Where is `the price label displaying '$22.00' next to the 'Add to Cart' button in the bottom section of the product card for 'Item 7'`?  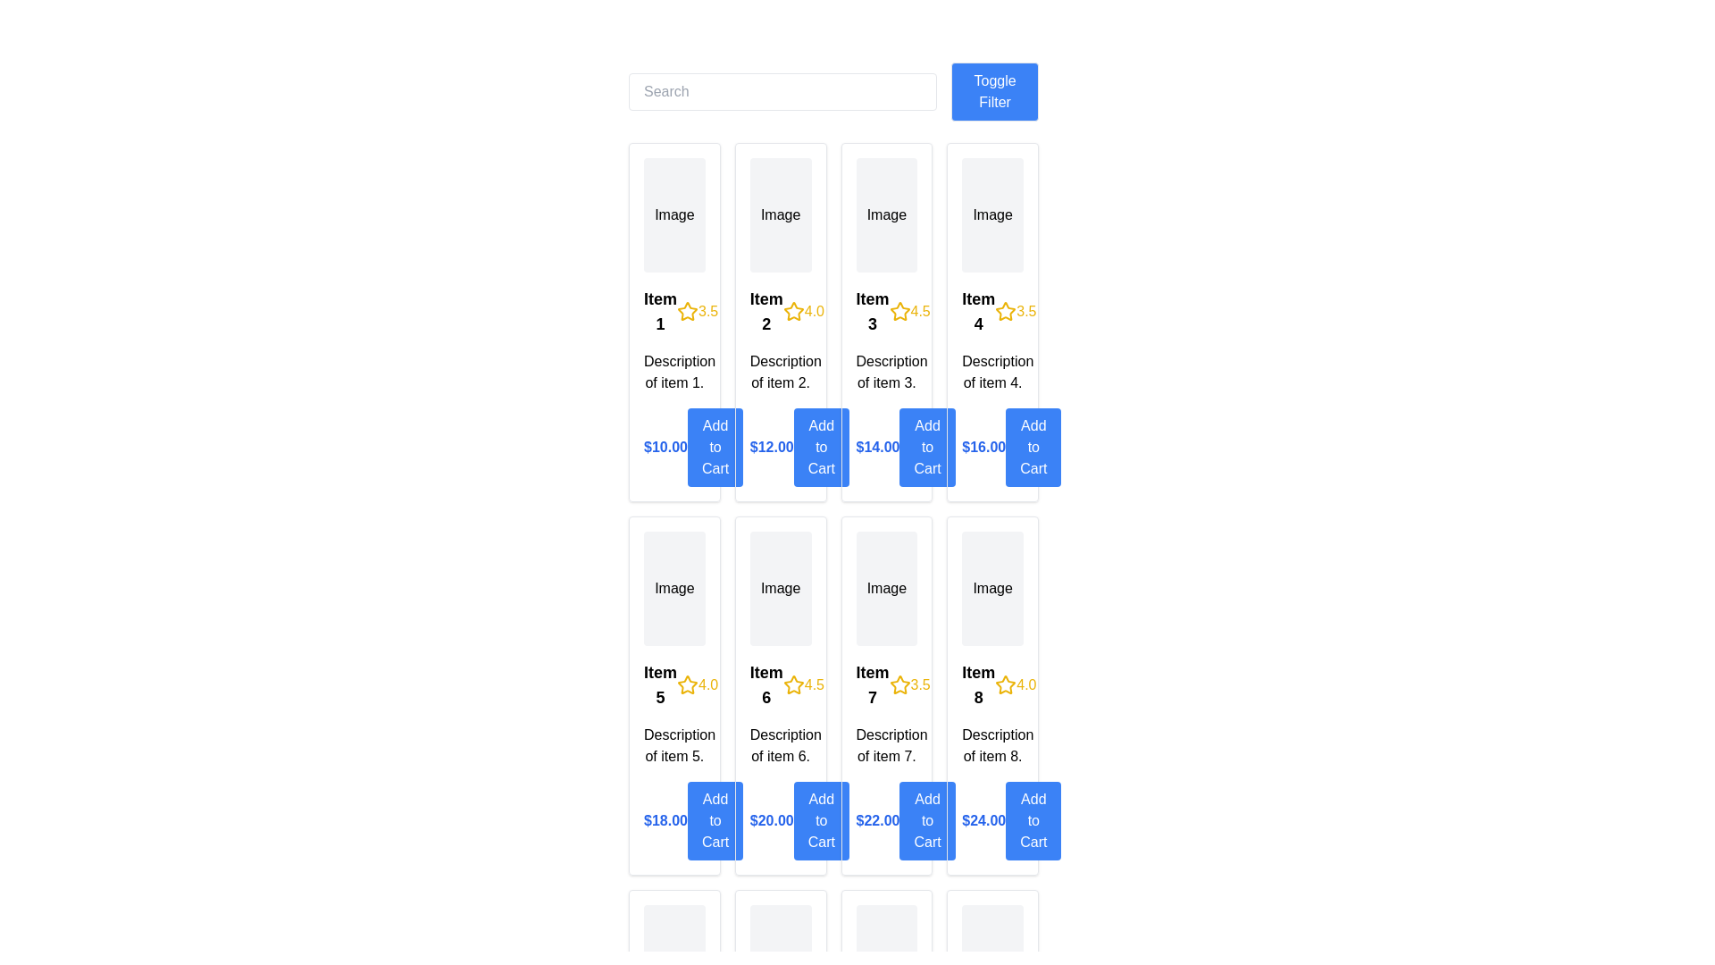
the price label displaying '$22.00' next to the 'Add to Cart' button in the bottom section of the product card for 'Item 7' is located at coordinates (886, 820).